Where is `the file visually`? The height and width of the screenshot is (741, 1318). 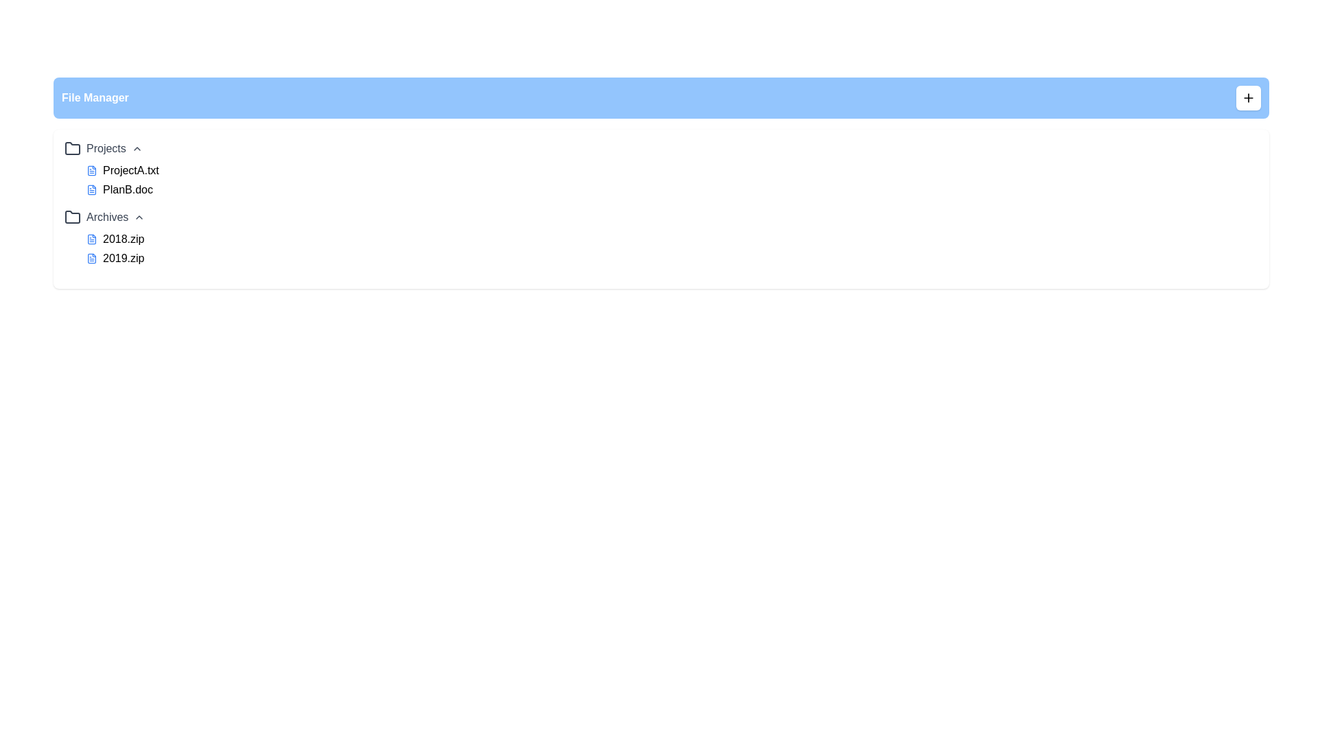 the file visually is located at coordinates (91, 259).